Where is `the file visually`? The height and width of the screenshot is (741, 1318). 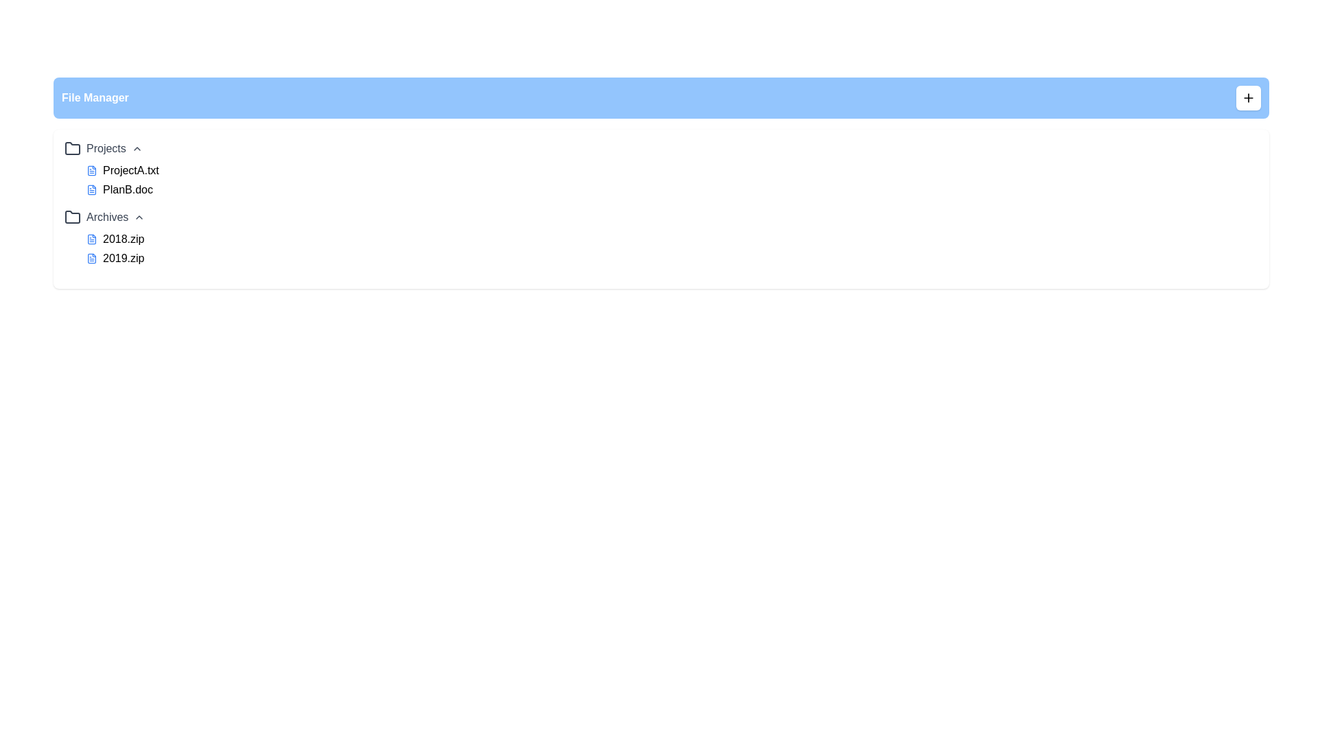 the file visually is located at coordinates (91, 259).